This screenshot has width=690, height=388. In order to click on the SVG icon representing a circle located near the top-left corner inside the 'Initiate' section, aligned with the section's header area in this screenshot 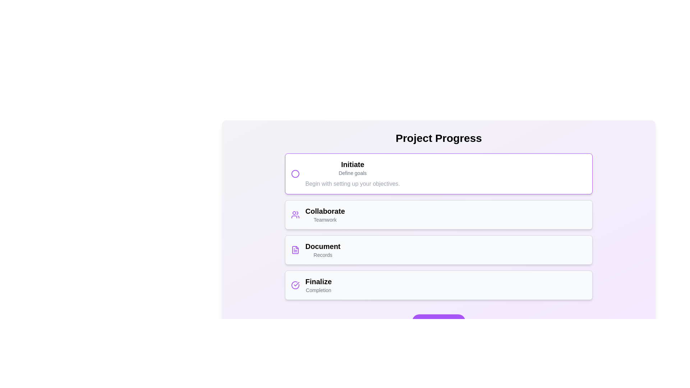, I will do `click(295, 174)`.